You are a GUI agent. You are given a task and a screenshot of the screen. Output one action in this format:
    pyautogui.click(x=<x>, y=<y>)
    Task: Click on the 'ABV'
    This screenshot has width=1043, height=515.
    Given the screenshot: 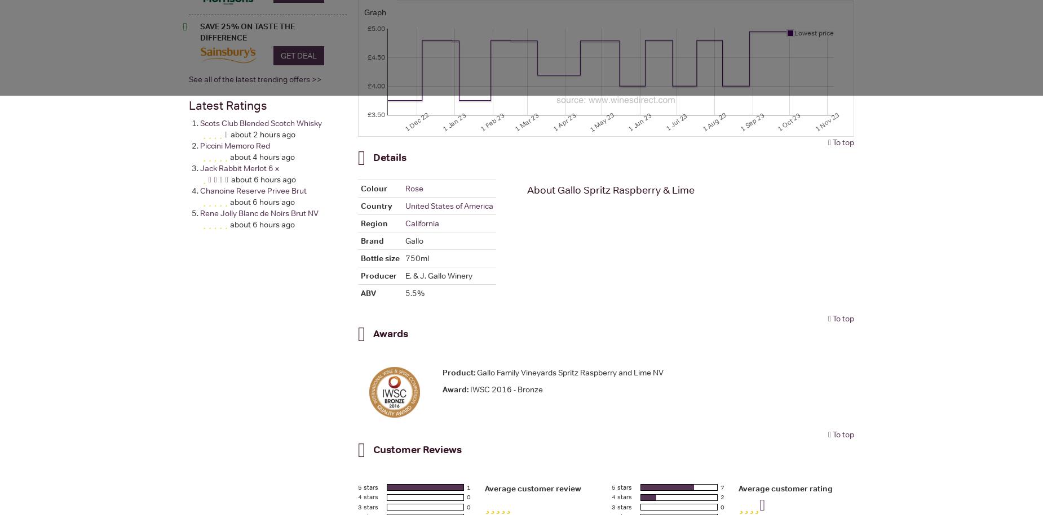 What is the action you would take?
    pyautogui.click(x=368, y=292)
    